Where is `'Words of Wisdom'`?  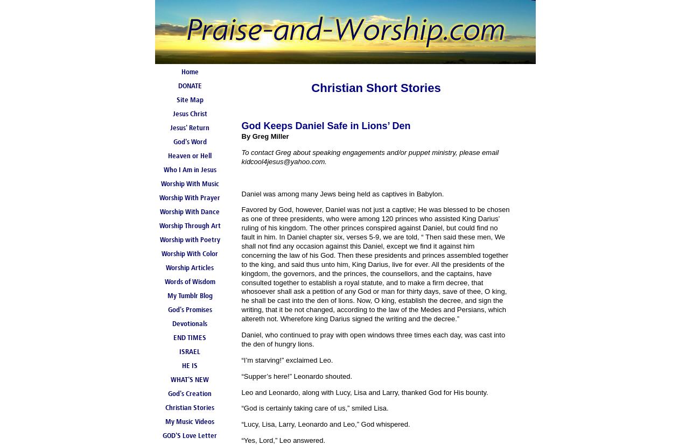 'Words of Wisdom' is located at coordinates (164, 281).